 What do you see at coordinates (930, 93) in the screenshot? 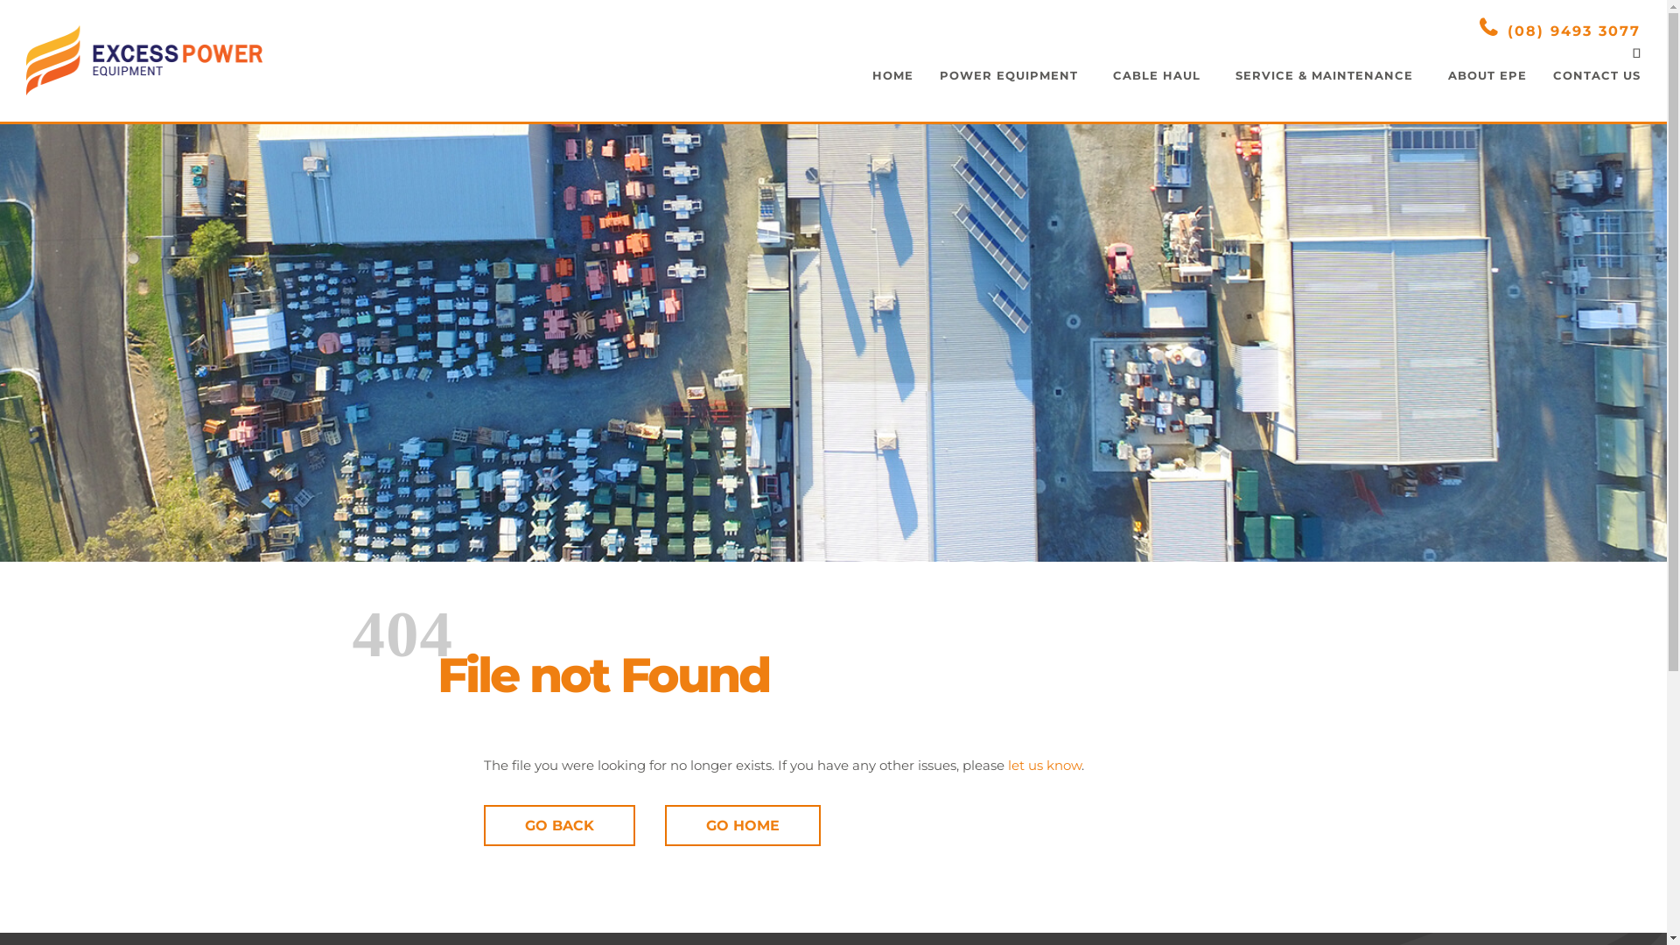
I see `'POWER EQUIPMENT'` at bounding box center [930, 93].